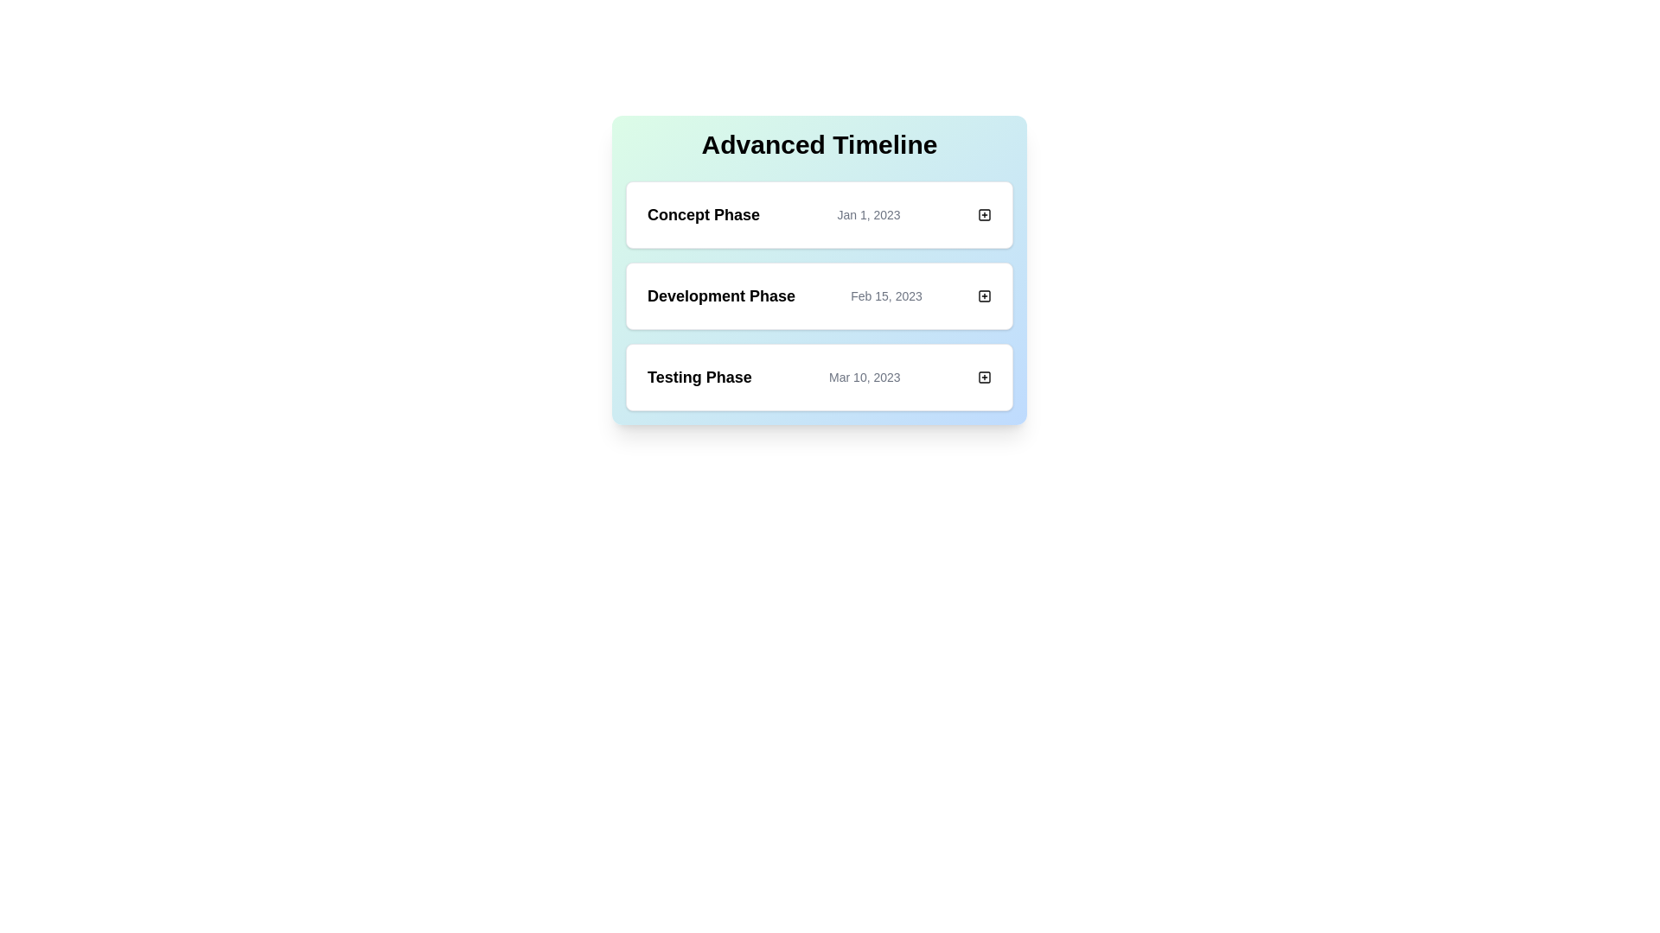 This screenshot has width=1660, height=933. I want to click on the first card in the vertical timeline structure labeled 'Advanced Timeline', so click(819, 214).